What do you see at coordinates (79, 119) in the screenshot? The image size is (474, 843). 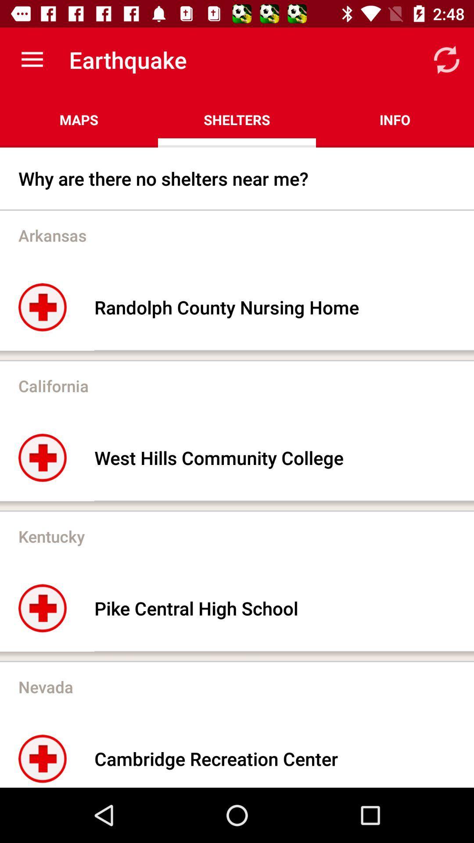 I see `the maps icon` at bounding box center [79, 119].